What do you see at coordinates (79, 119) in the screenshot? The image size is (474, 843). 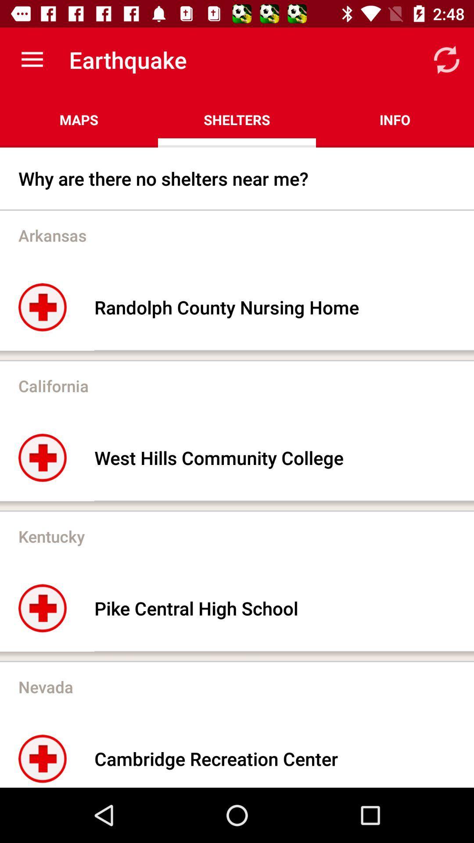 I see `the maps icon` at bounding box center [79, 119].